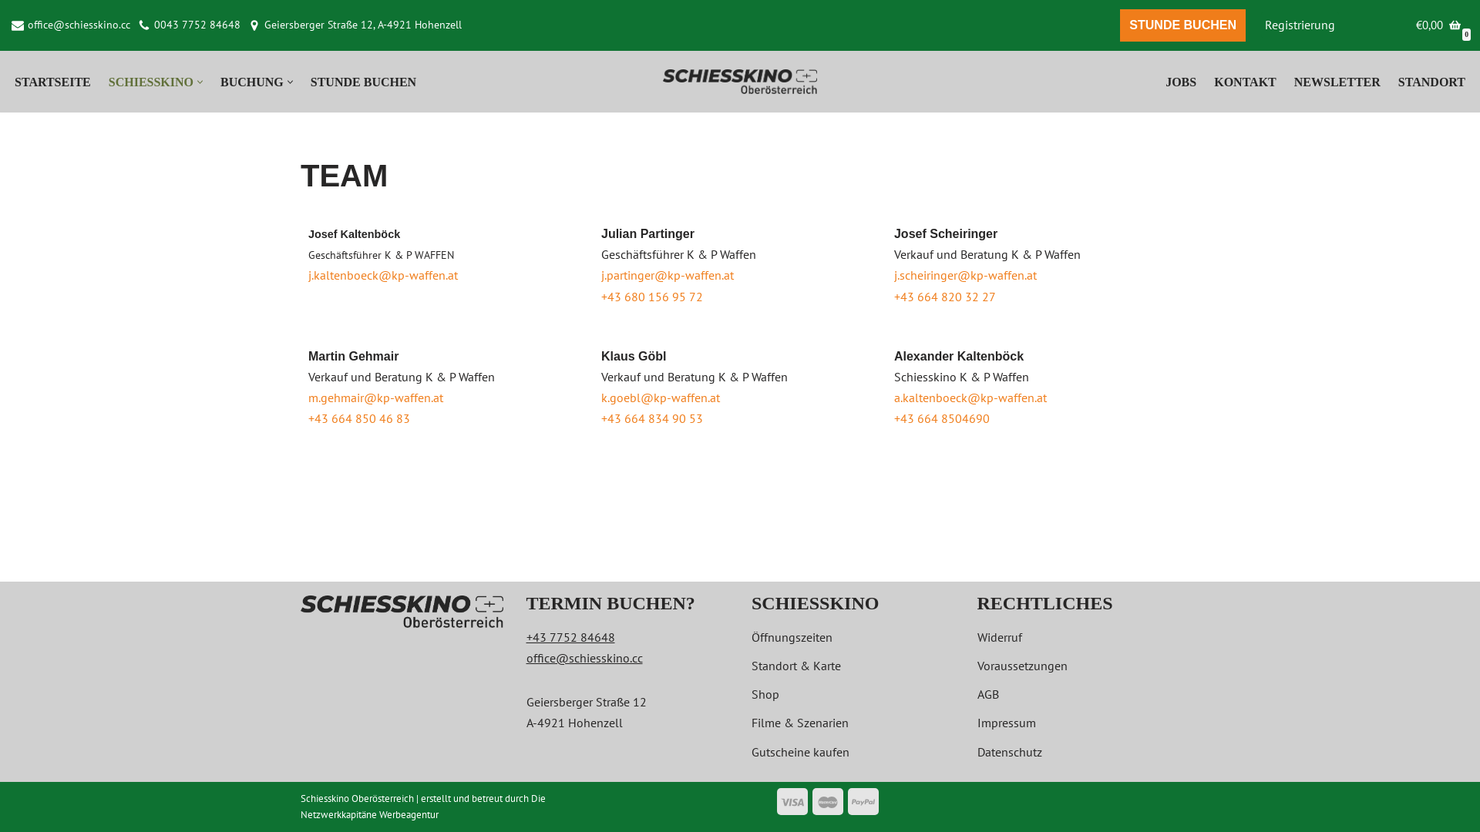 The width and height of the screenshot is (1480, 832). What do you see at coordinates (943, 297) in the screenshot?
I see `'+43 664 820 32 27'` at bounding box center [943, 297].